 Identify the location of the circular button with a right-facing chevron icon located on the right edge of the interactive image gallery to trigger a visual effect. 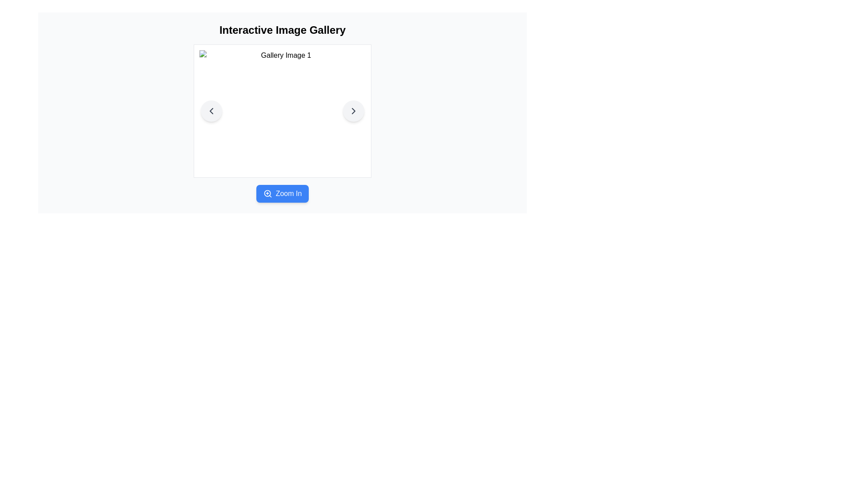
(353, 111).